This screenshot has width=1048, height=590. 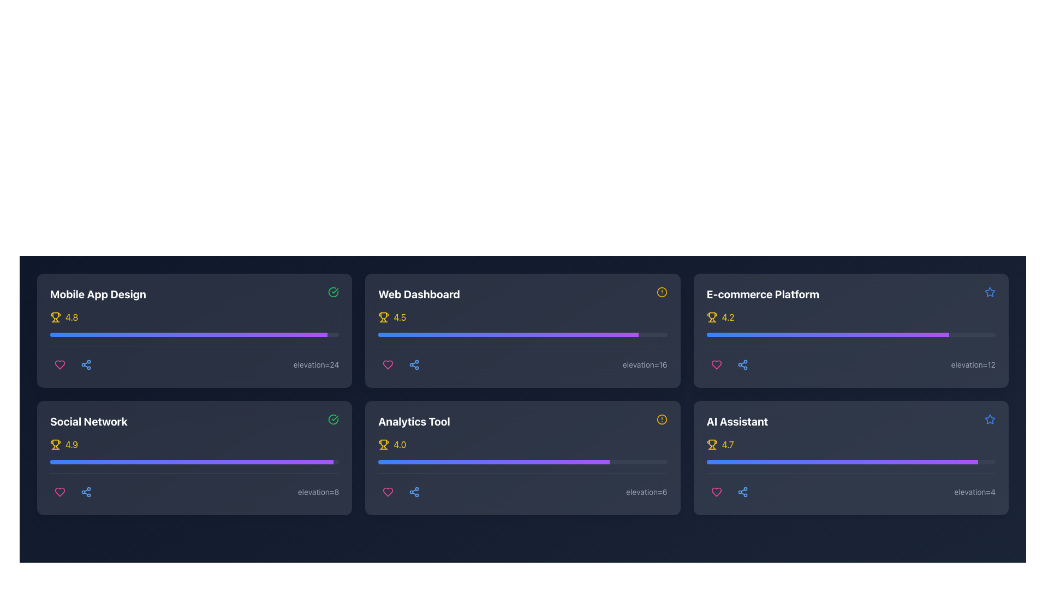 I want to click on the progress bar value, so click(x=771, y=334).